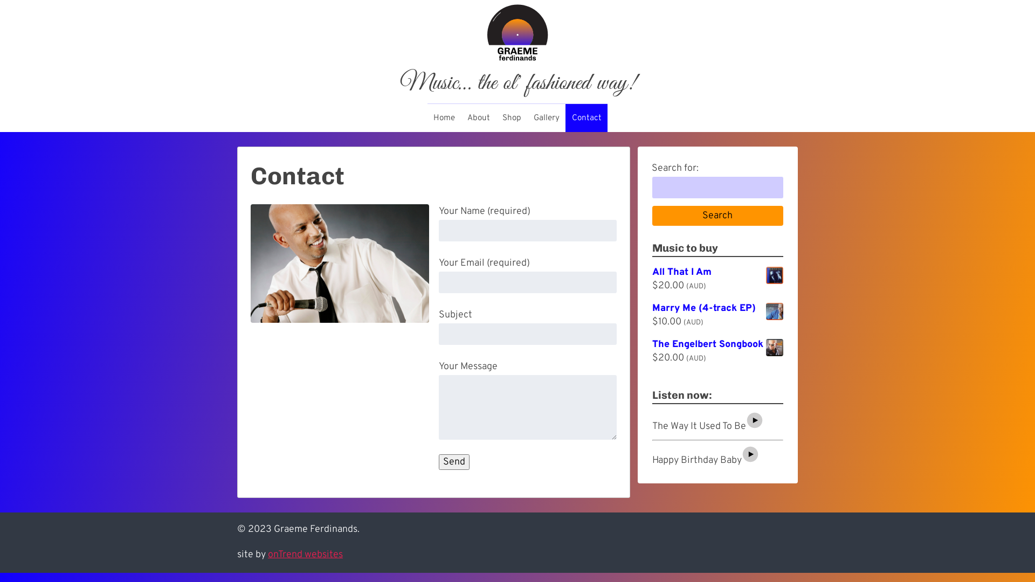  What do you see at coordinates (496, 118) in the screenshot?
I see `'Shop'` at bounding box center [496, 118].